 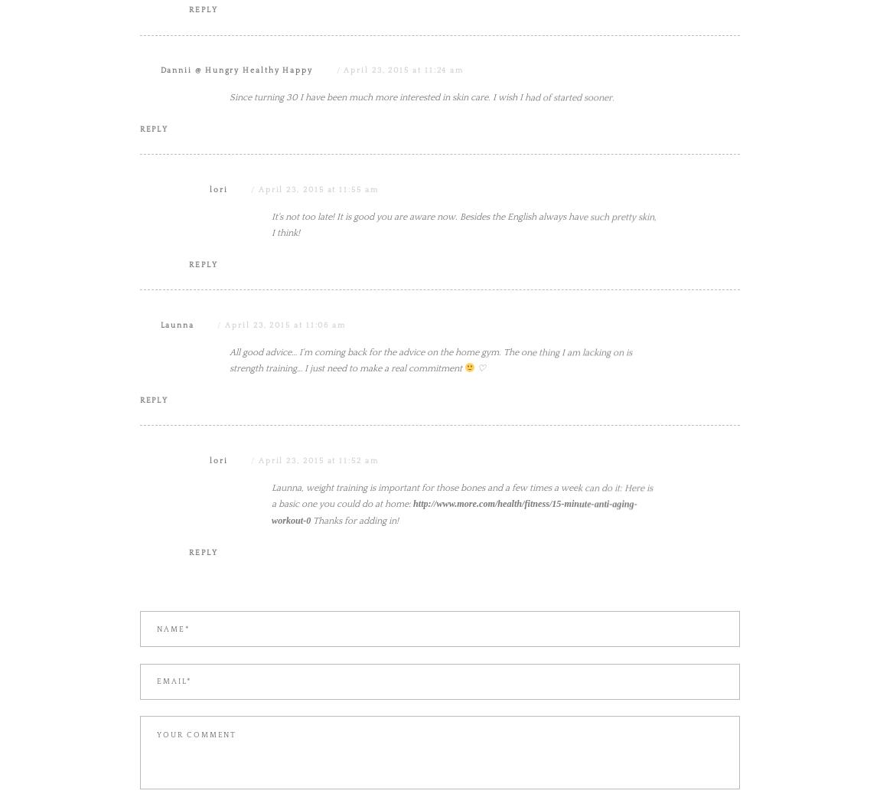 I want to click on 'Hold on, Gingi! No worries as each chapter and decade hold good times and plenty of adventures.', so click(x=272, y=123).